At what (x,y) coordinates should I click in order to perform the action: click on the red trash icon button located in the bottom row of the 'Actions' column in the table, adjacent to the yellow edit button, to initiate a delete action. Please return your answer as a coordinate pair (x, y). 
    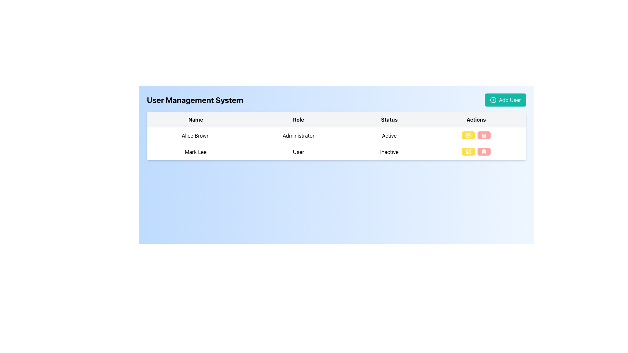
    Looking at the image, I should click on (484, 151).